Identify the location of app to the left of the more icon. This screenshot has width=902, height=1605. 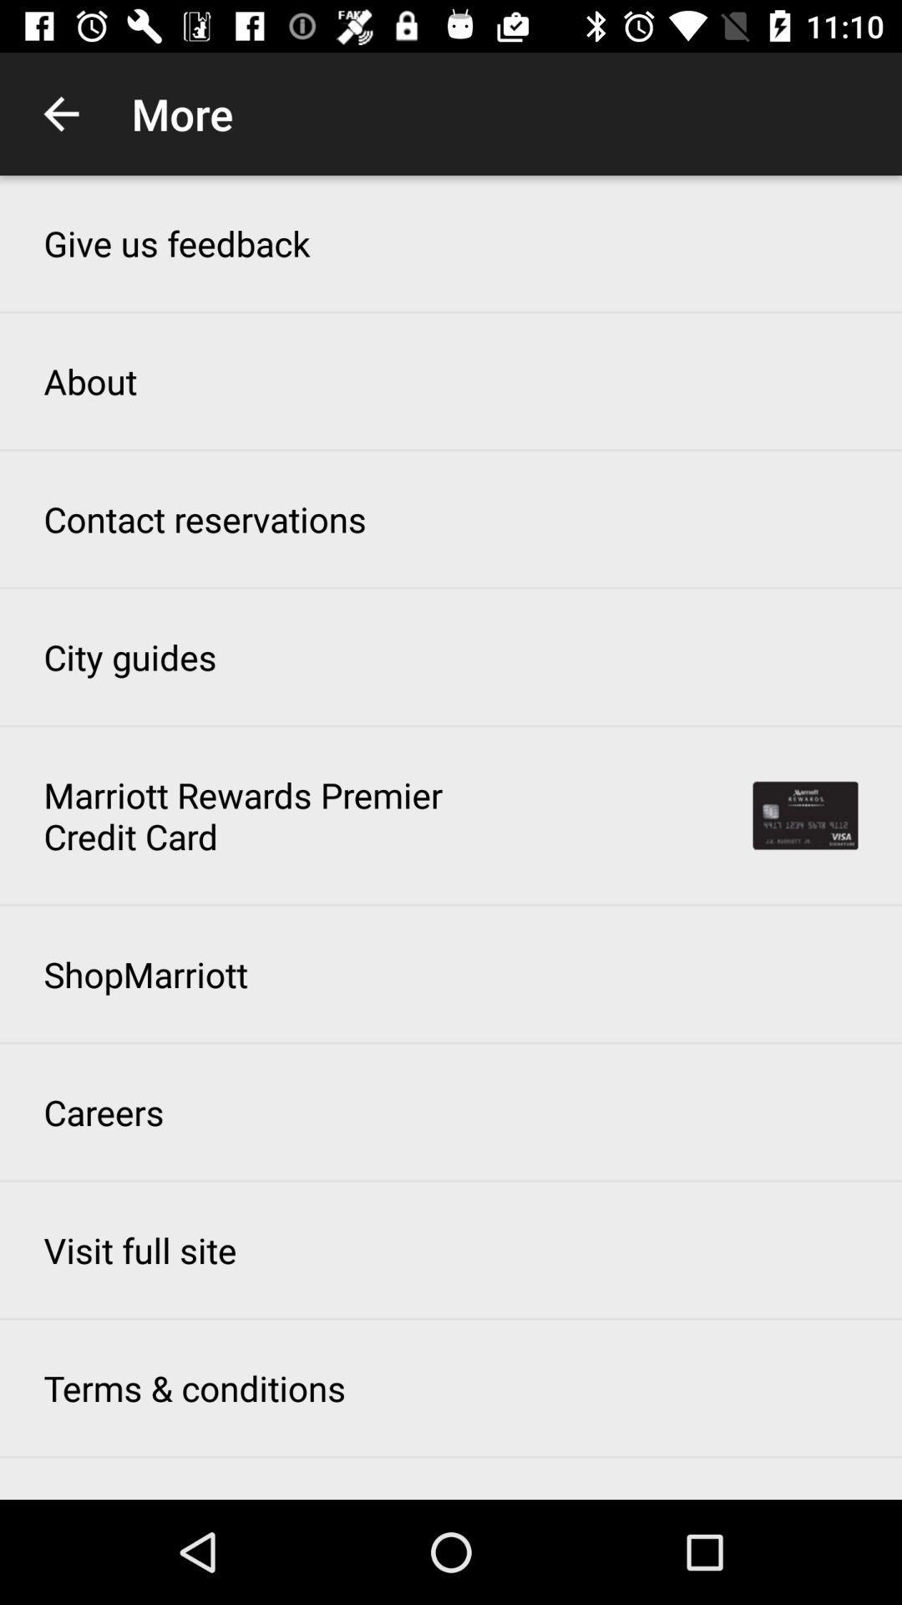
(60, 113).